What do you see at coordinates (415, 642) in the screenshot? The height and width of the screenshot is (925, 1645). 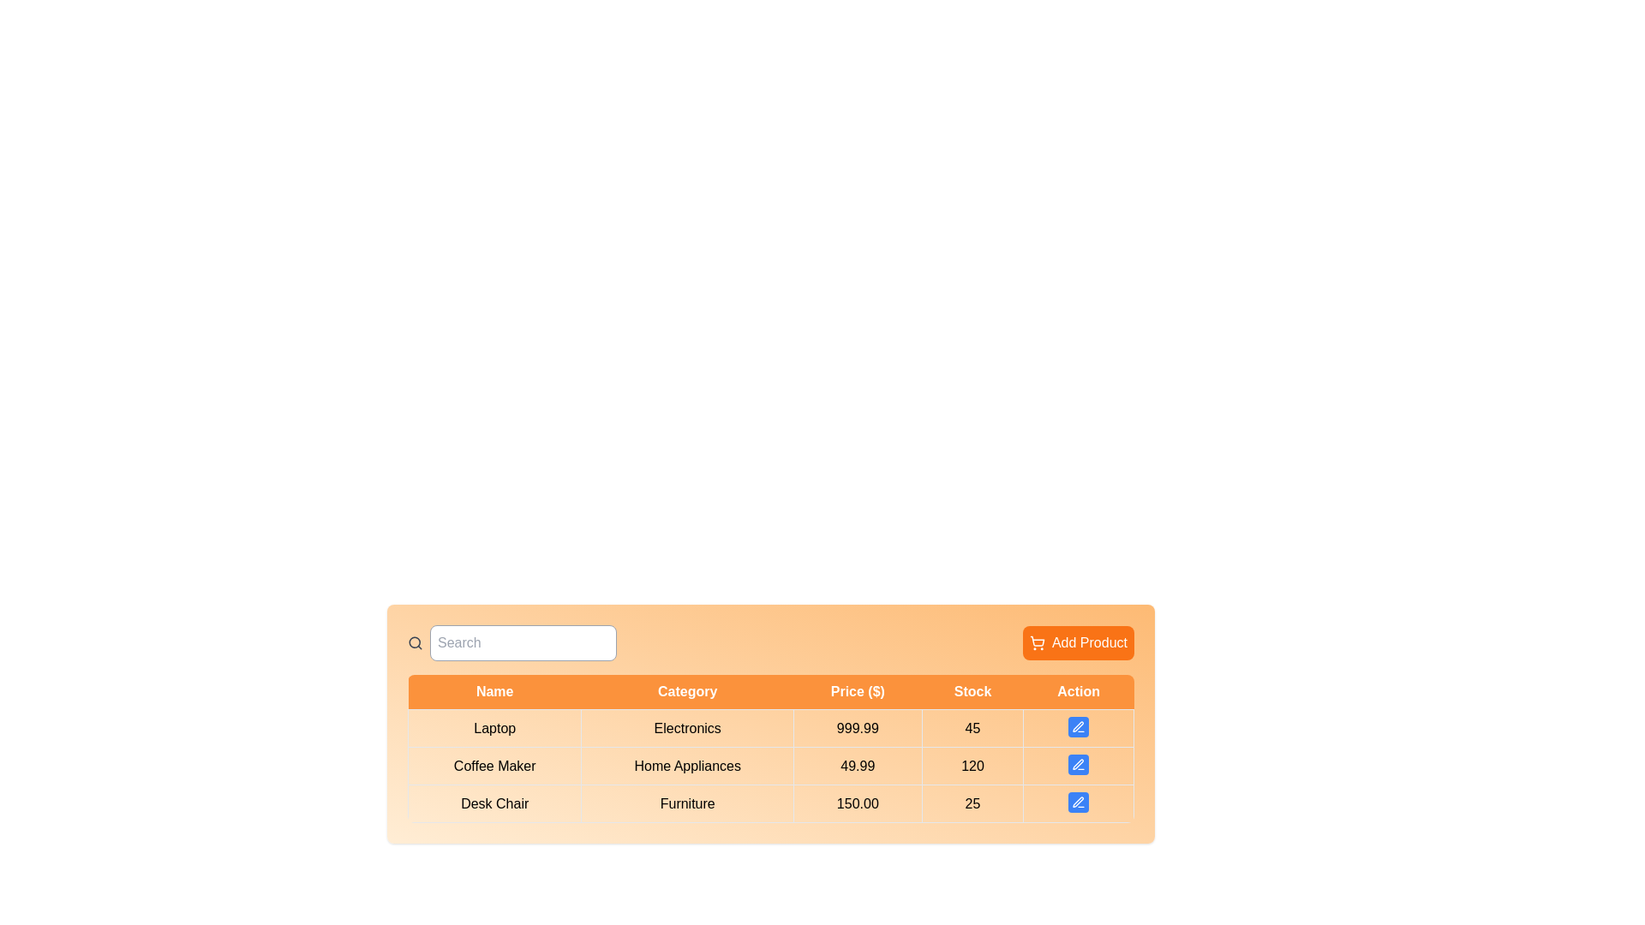 I see `the SVG circle element that represents the search functionality, located at the upper left corner of the horizontal search bar in the magnifying glass design` at bounding box center [415, 642].